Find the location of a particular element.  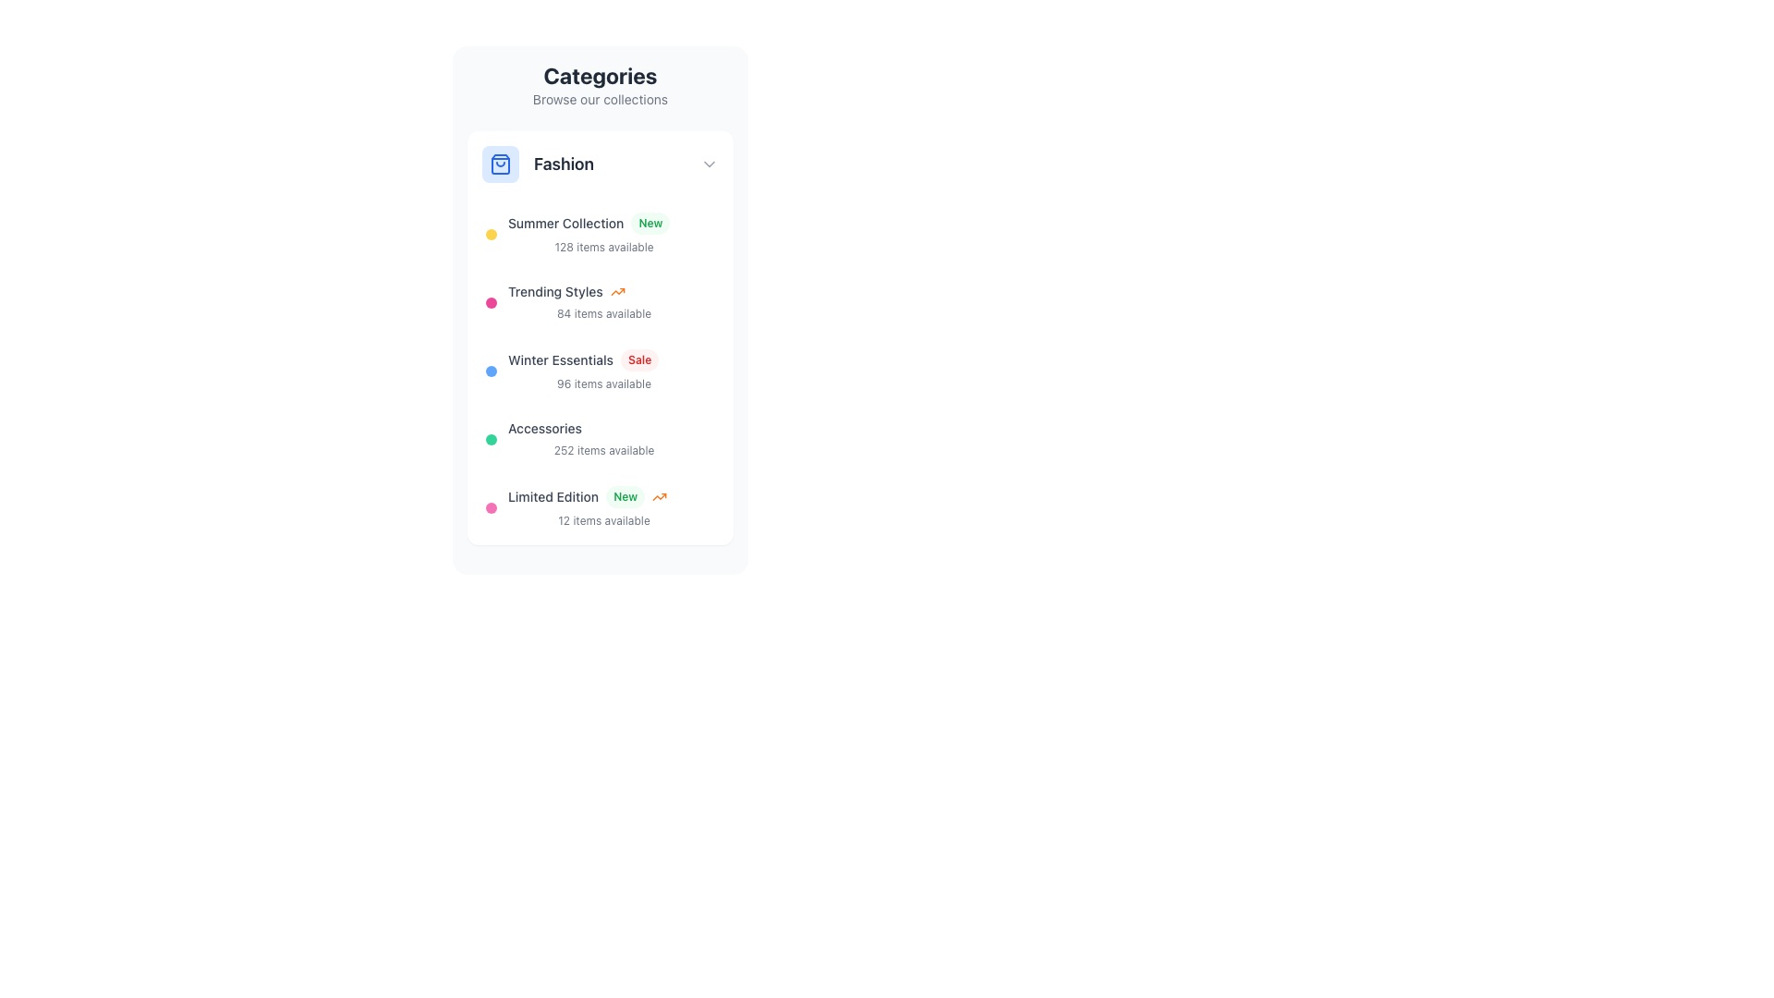

the list item element labeled 'Trending Styles' that displays '84 items available' in the sidebar menu under the 'Fashion' section is located at coordinates (603, 301).